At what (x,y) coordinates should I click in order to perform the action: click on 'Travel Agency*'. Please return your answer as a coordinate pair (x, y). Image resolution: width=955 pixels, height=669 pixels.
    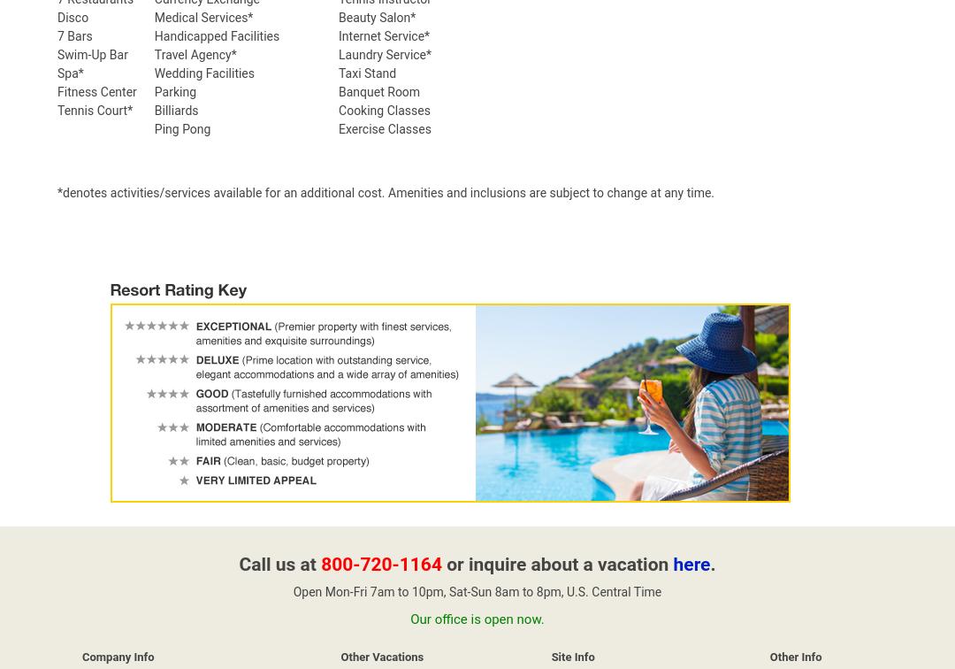
    Looking at the image, I should click on (195, 54).